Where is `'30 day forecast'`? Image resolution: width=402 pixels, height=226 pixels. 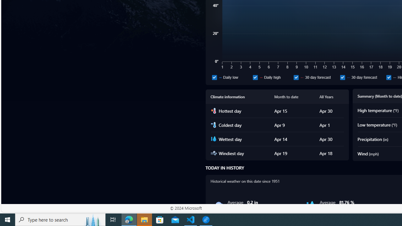 '30 day forecast' is located at coordinates (362, 77).